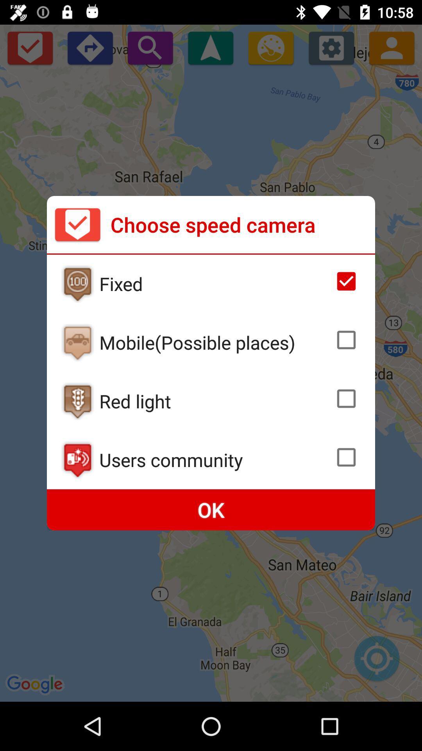  I want to click on mobile(possible places), so click(215, 342).